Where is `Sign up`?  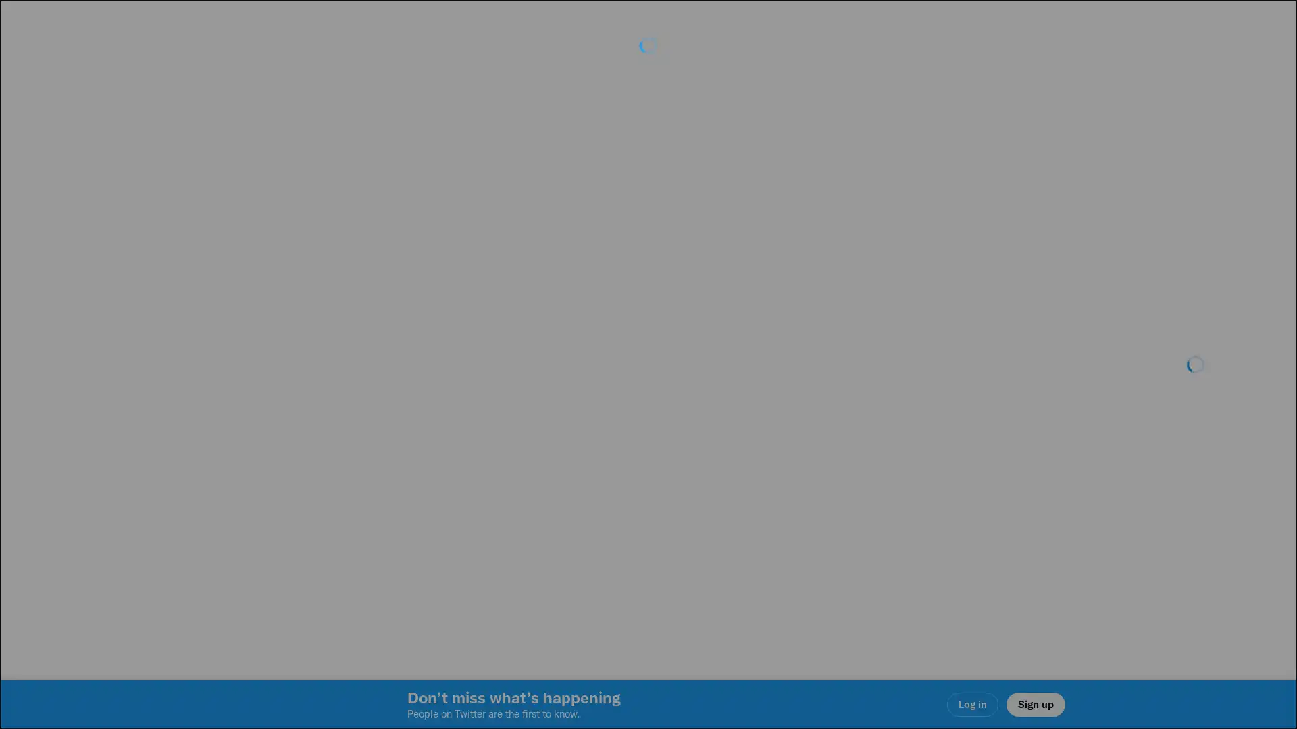 Sign up is located at coordinates (488, 460).